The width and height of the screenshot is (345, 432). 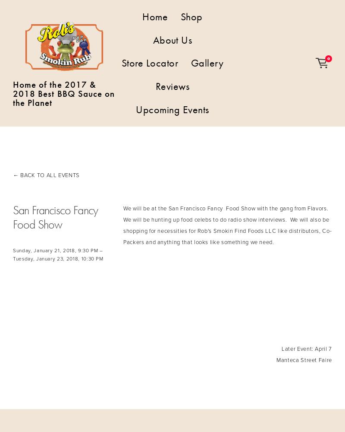 What do you see at coordinates (172, 109) in the screenshot?
I see `'Upcoming Events'` at bounding box center [172, 109].